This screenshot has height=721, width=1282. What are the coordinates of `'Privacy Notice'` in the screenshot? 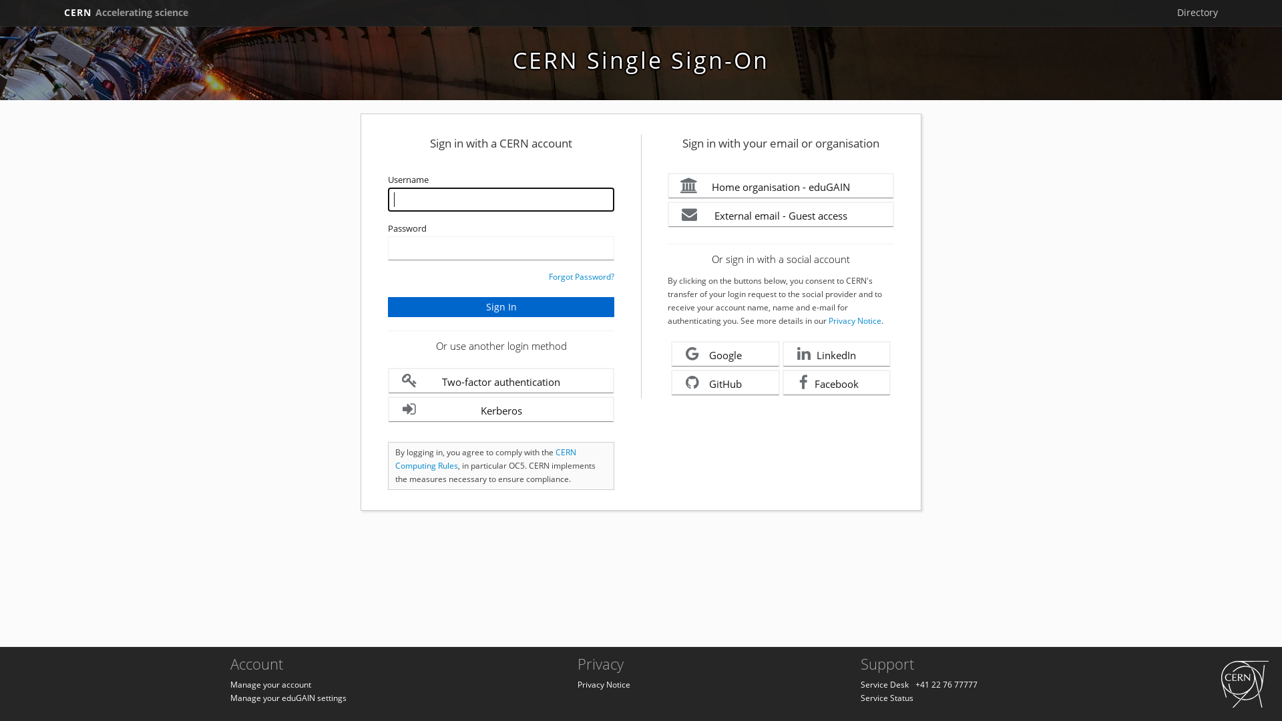 It's located at (603, 684).